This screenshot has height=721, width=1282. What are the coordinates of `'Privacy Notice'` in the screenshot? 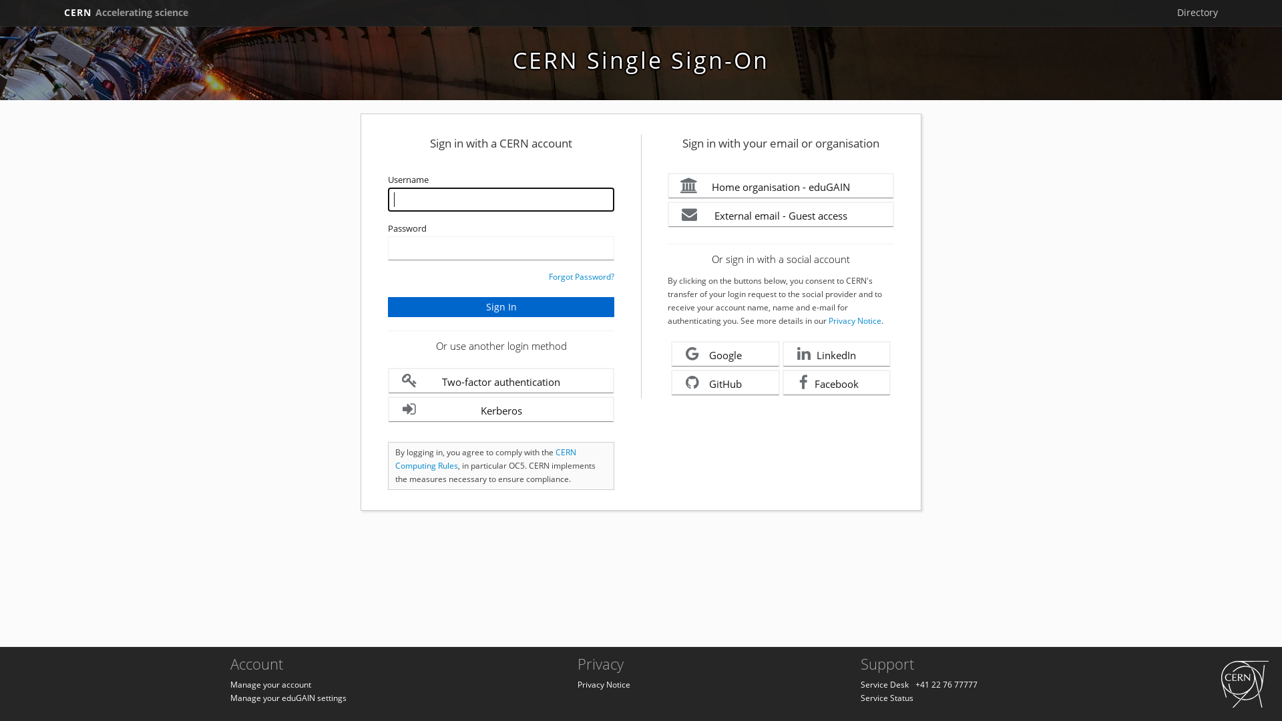 It's located at (603, 684).